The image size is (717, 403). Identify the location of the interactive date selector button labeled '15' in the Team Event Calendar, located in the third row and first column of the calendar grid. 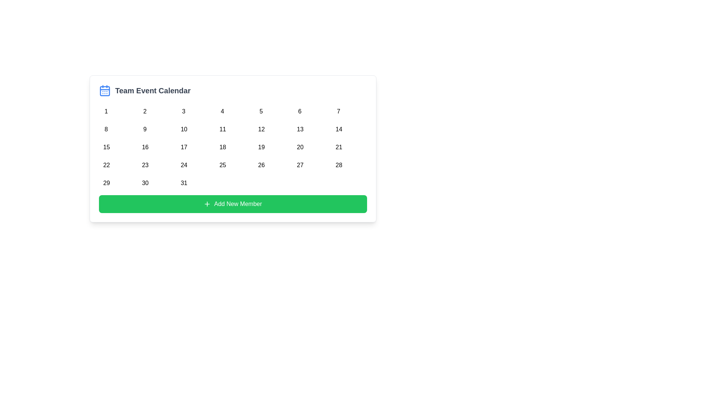
(106, 146).